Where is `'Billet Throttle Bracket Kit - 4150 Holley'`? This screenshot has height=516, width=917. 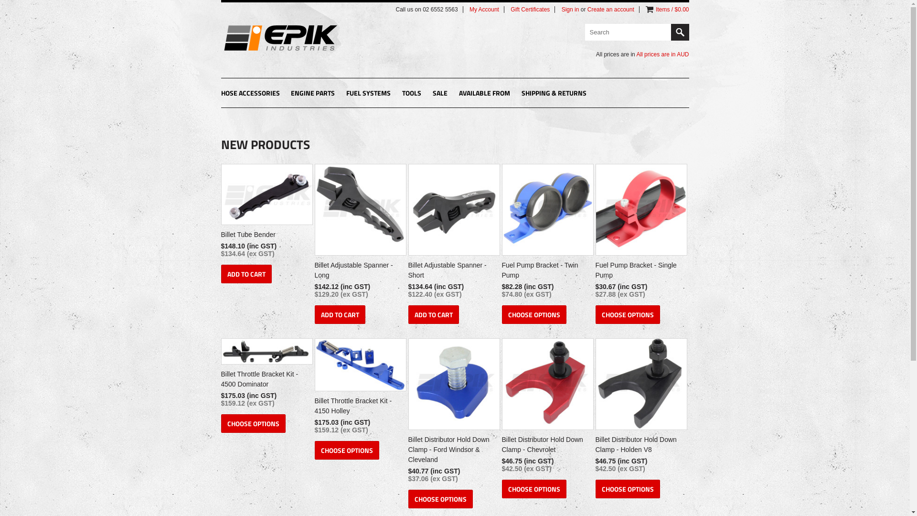 'Billet Throttle Bracket Kit - 4150 Holley' is located at coordinates (358, 407).